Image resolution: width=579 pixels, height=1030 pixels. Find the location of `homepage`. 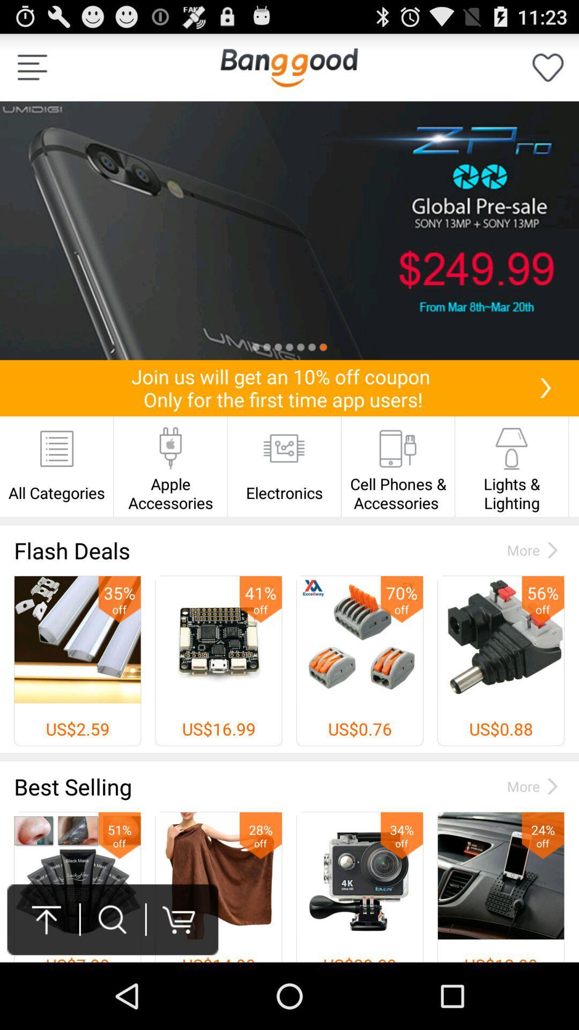

homepage is located at coordinates (288, 67).